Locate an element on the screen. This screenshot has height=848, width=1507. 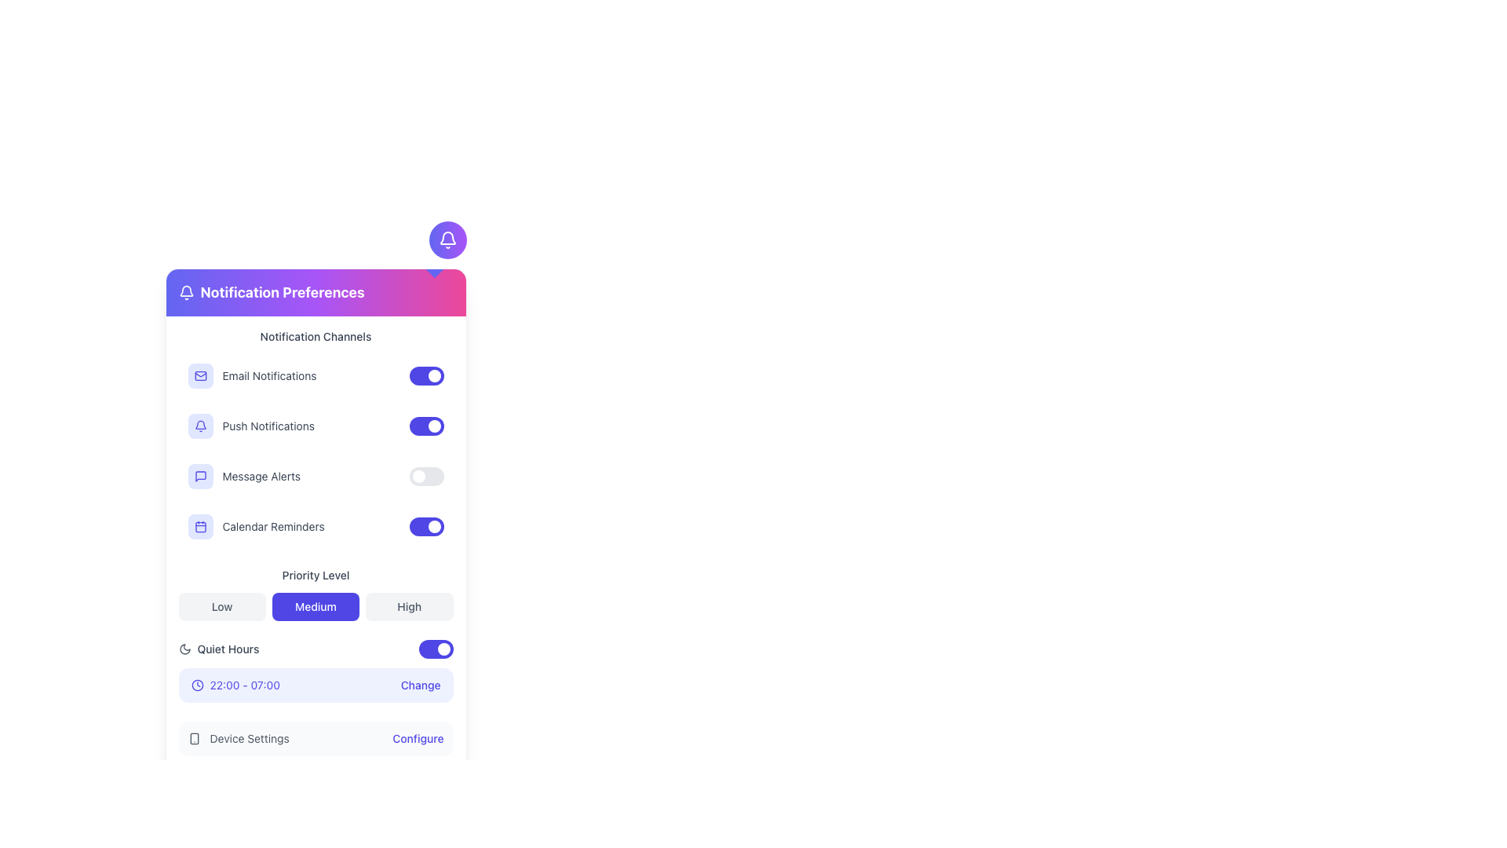
the icon representing 'Quiet Hours', located to the left of the 'Quiet Hours' label is located at coordinates (184, 649).